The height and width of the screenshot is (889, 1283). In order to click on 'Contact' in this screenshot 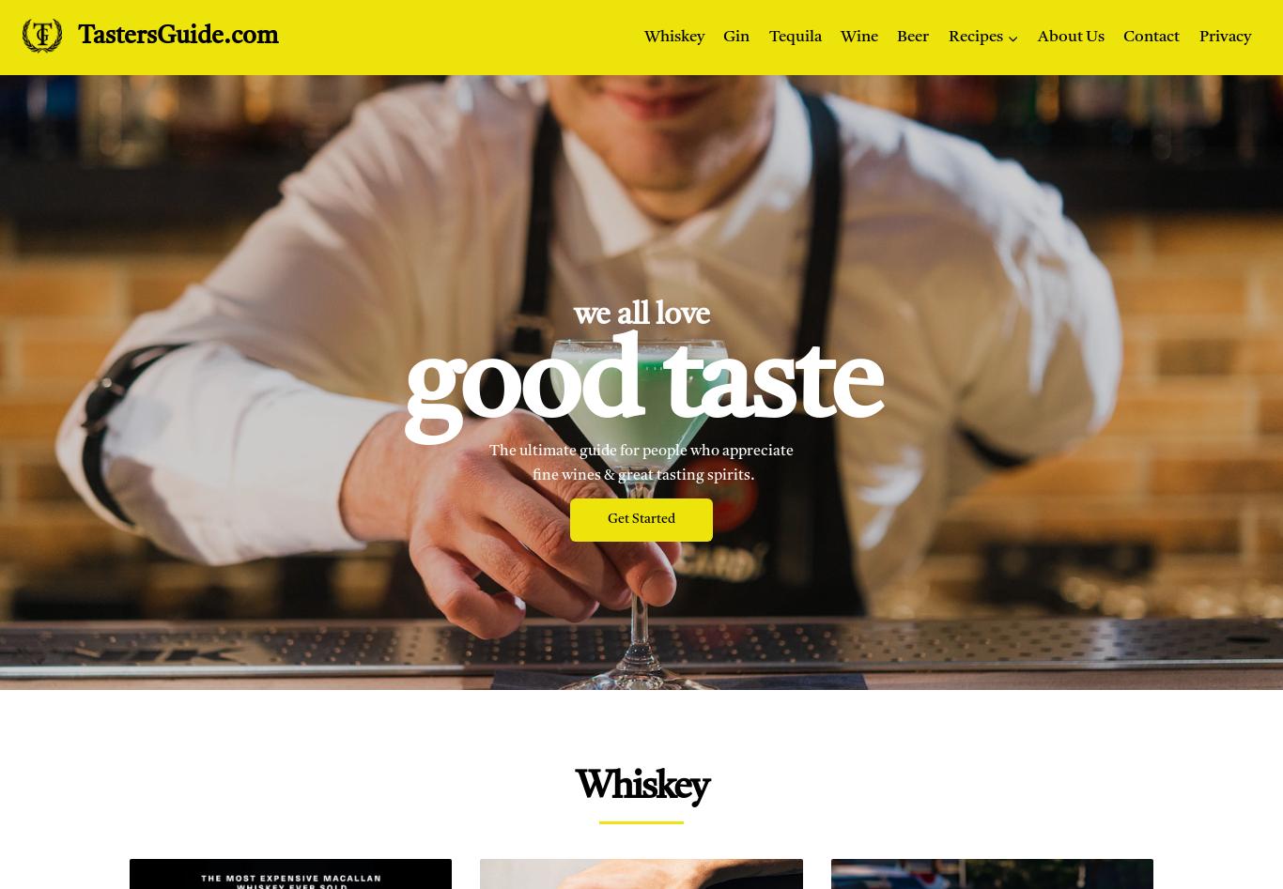, I will do `click(1151, 37)`.